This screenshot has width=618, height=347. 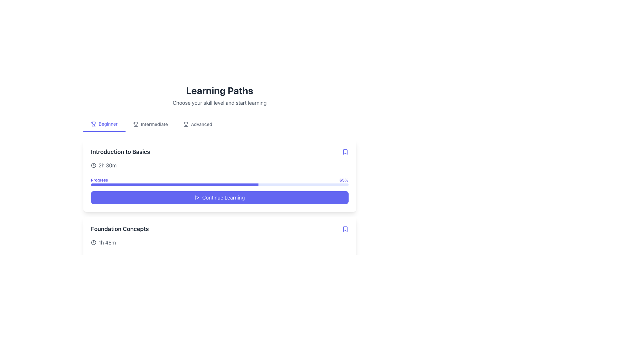 I want to click on progress bar, so click(x=142, y=184).